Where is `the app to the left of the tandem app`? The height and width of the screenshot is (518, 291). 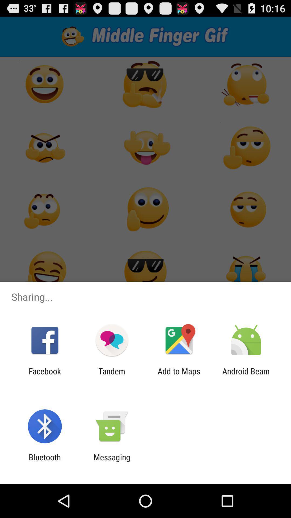
the app to the left of the tandem app is located at coordinates (44, 376).